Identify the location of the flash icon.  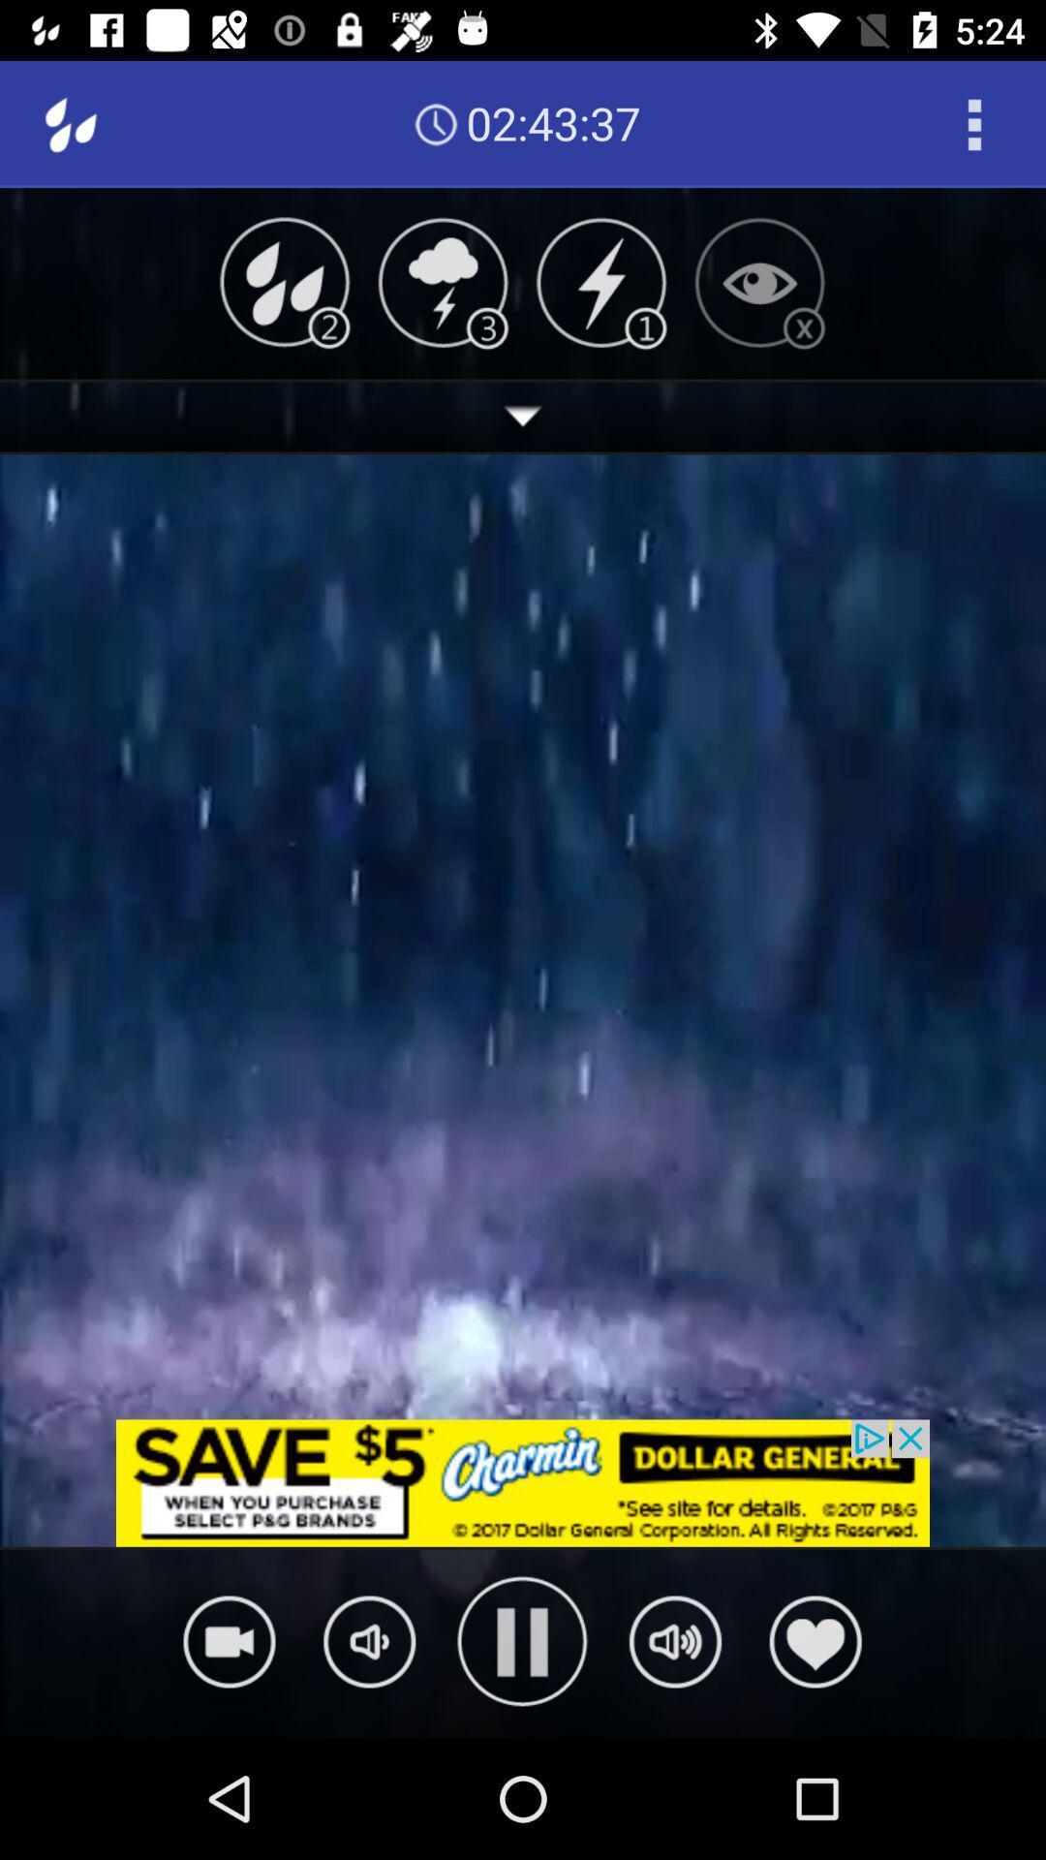
(600, 282).